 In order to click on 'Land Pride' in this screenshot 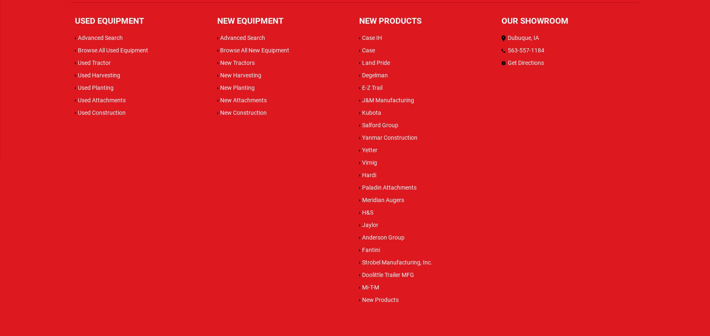, I will do `click(376, 62)`.